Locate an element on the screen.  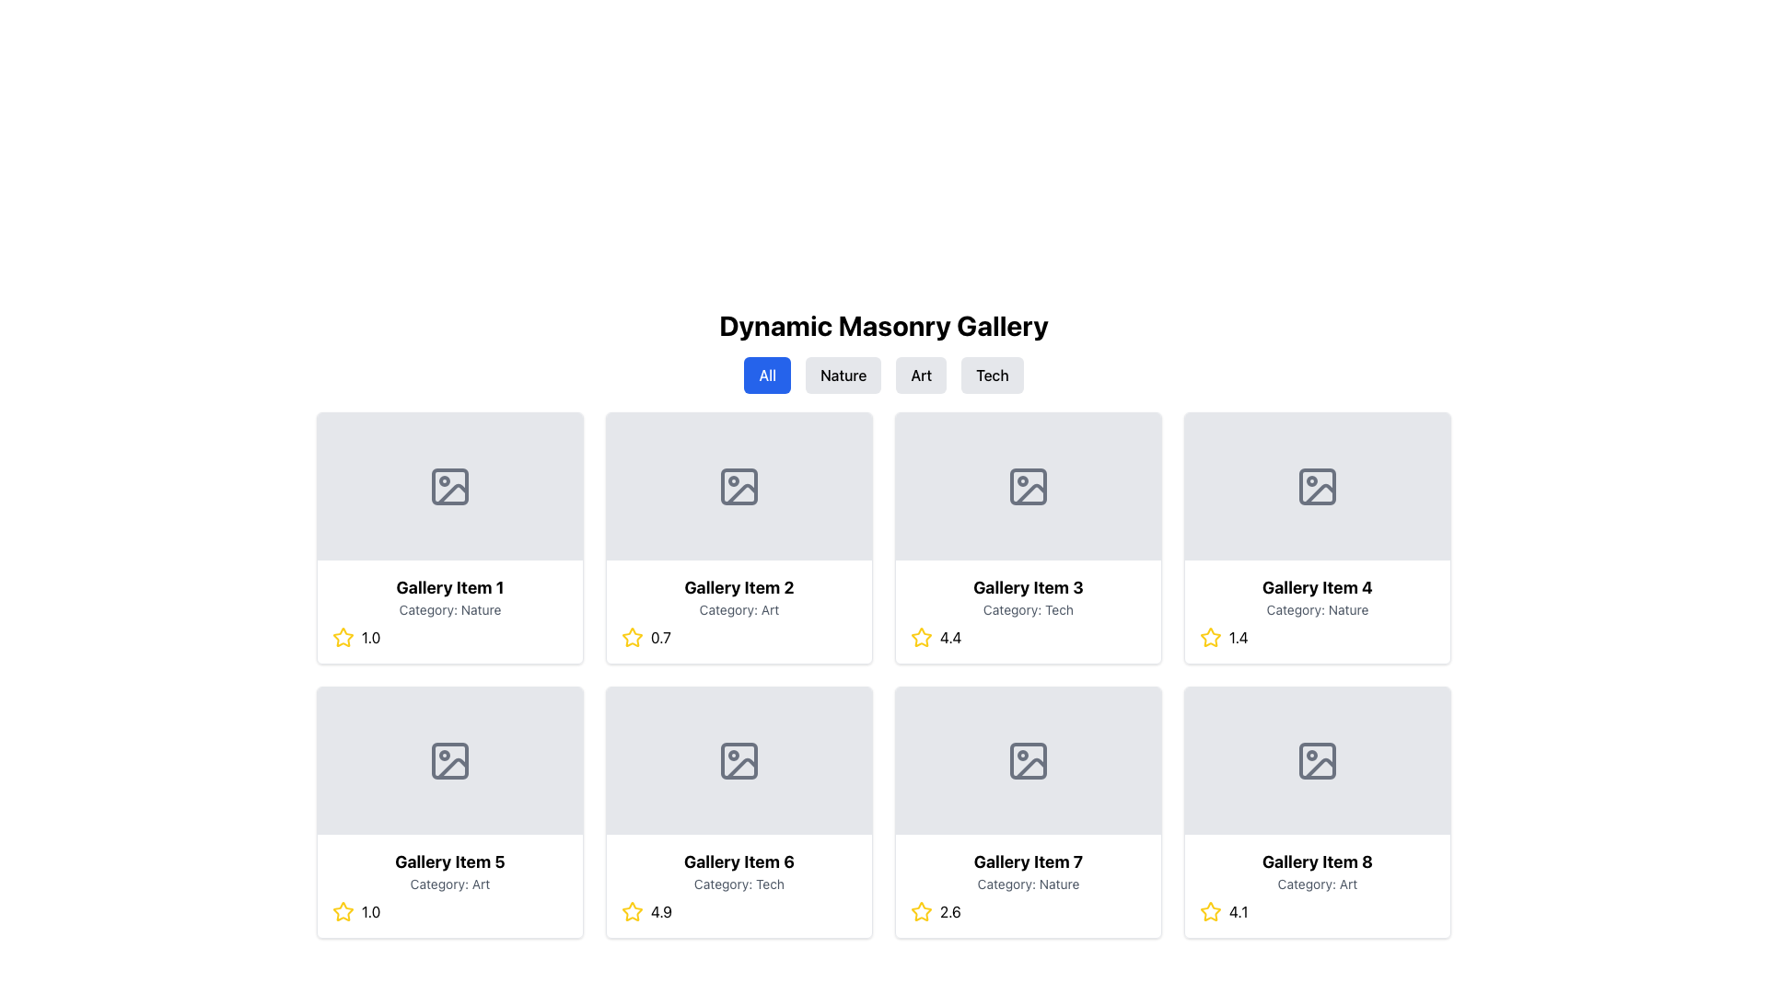
the SVG Icon representing 'Gallery Item 6' which is centrally located above the text within a light gray card in the gallery layout is located at coordinates (739, 760).